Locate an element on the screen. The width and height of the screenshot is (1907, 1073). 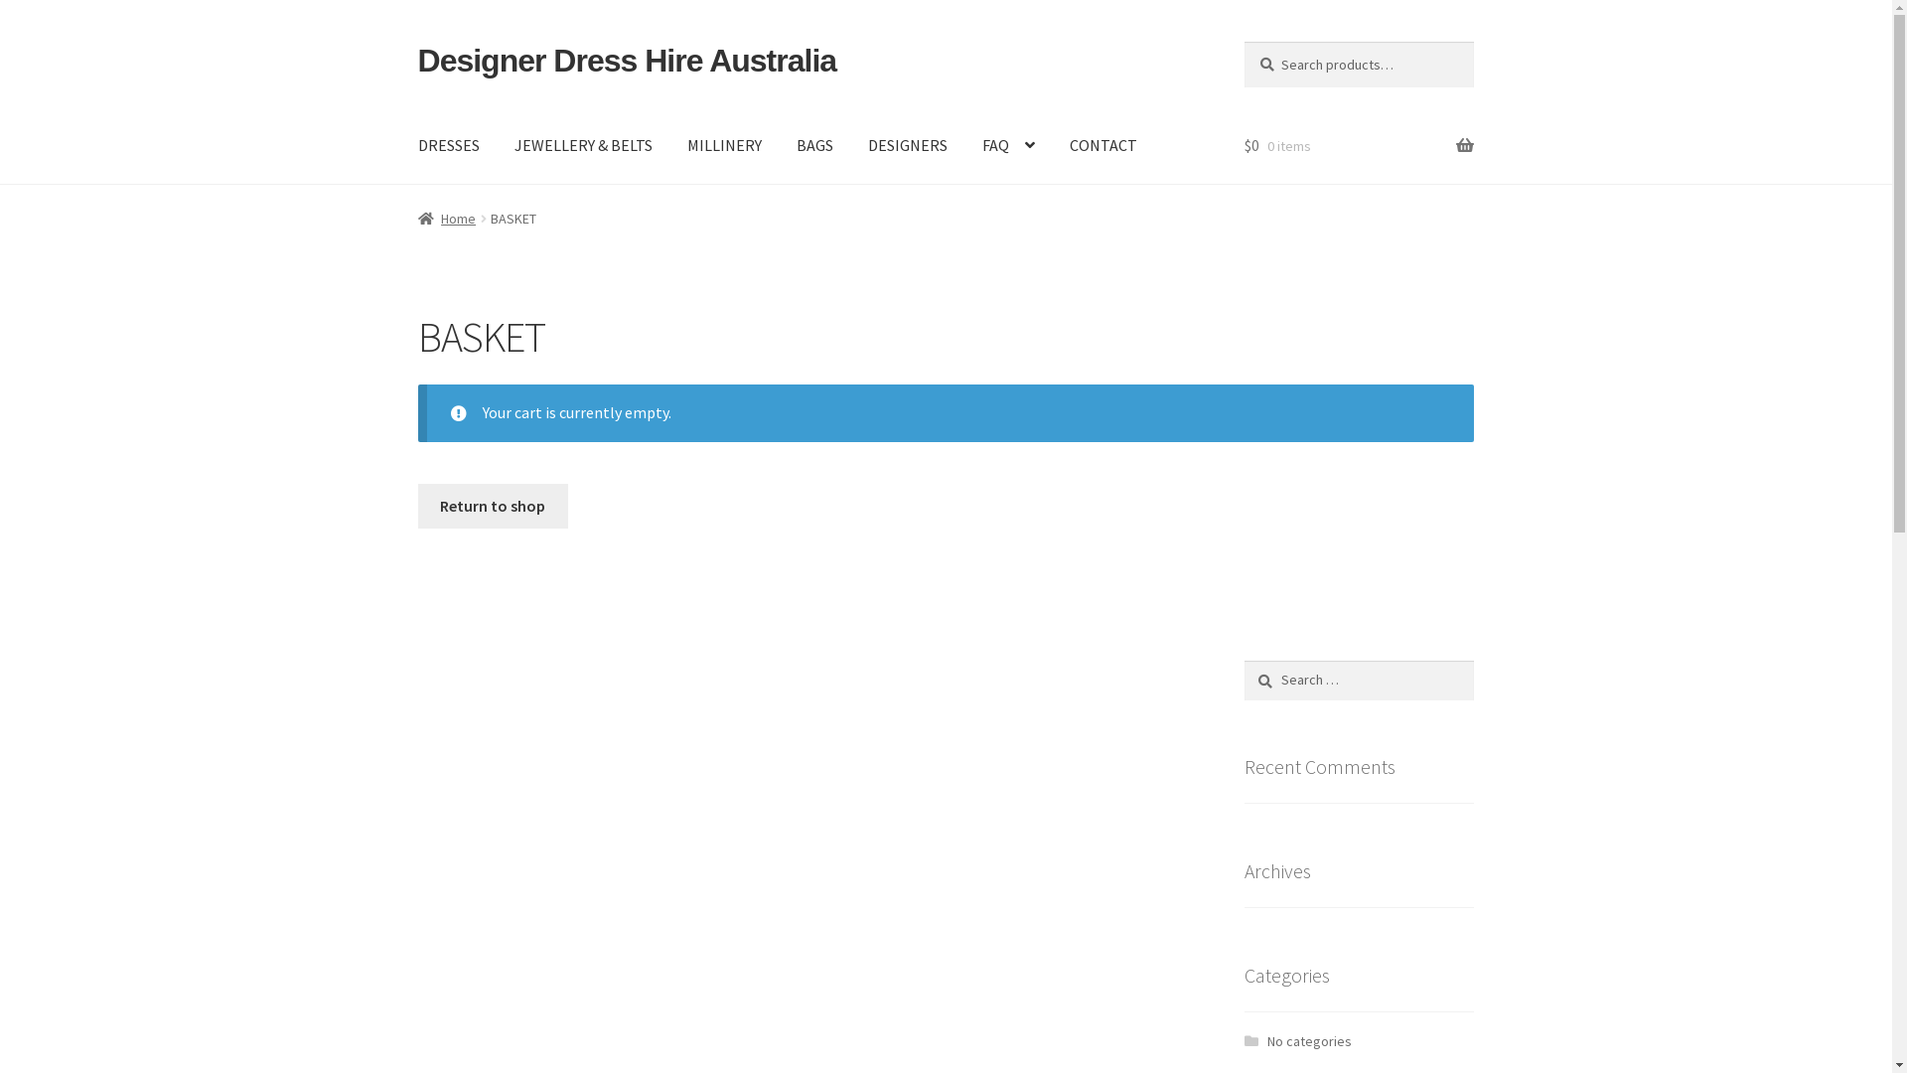
'$0 0 items' is located at coordinates (1358, 144).